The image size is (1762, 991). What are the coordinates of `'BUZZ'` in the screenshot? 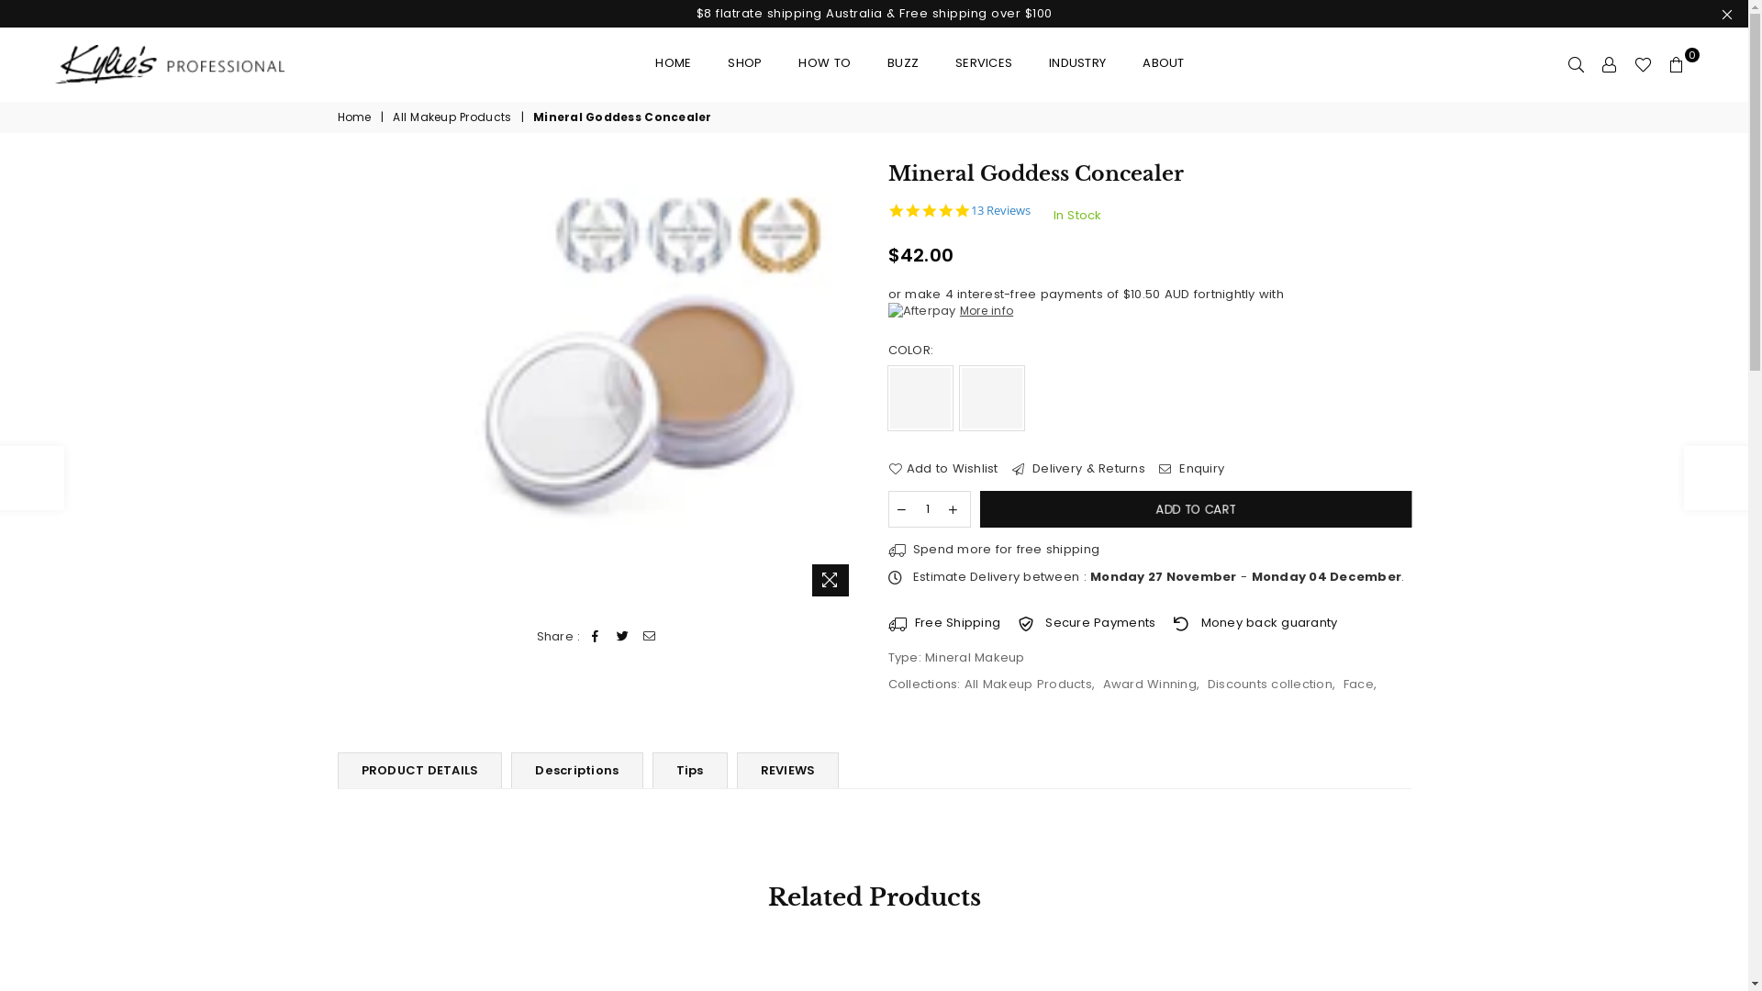 It's located at (872, 62).